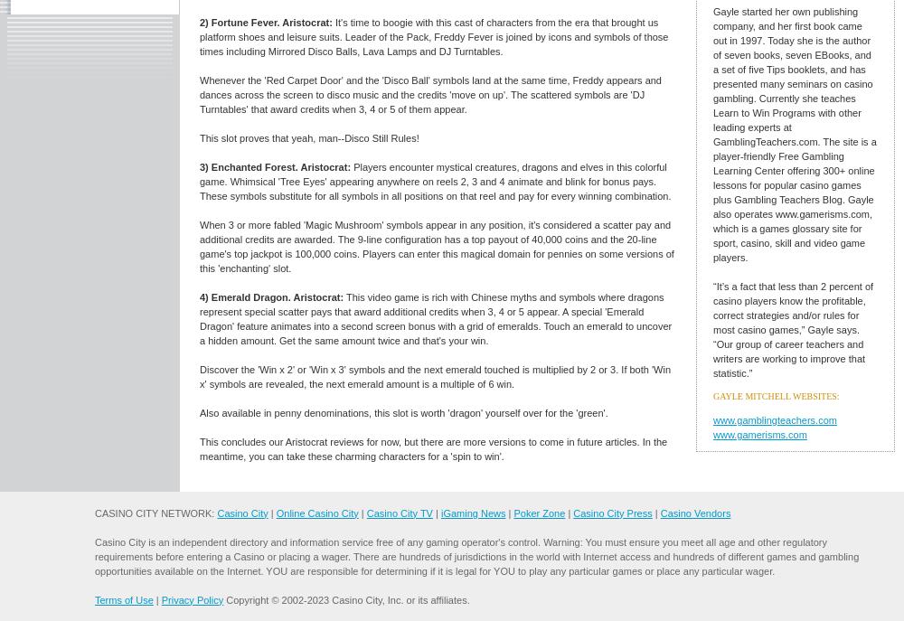 This screenshot has height=621, width=904. I want to click on 'Players encounter mystical creatures, dragons and elves in this colorful game. Whimsical 'Tree Eyes' appearing anywhere on reels 2, 3 and 4 animate and blink for bonus pays. These symbols substitute for all symbols in all positions on that reel and pay for every winning combination.', so click(434, 179).